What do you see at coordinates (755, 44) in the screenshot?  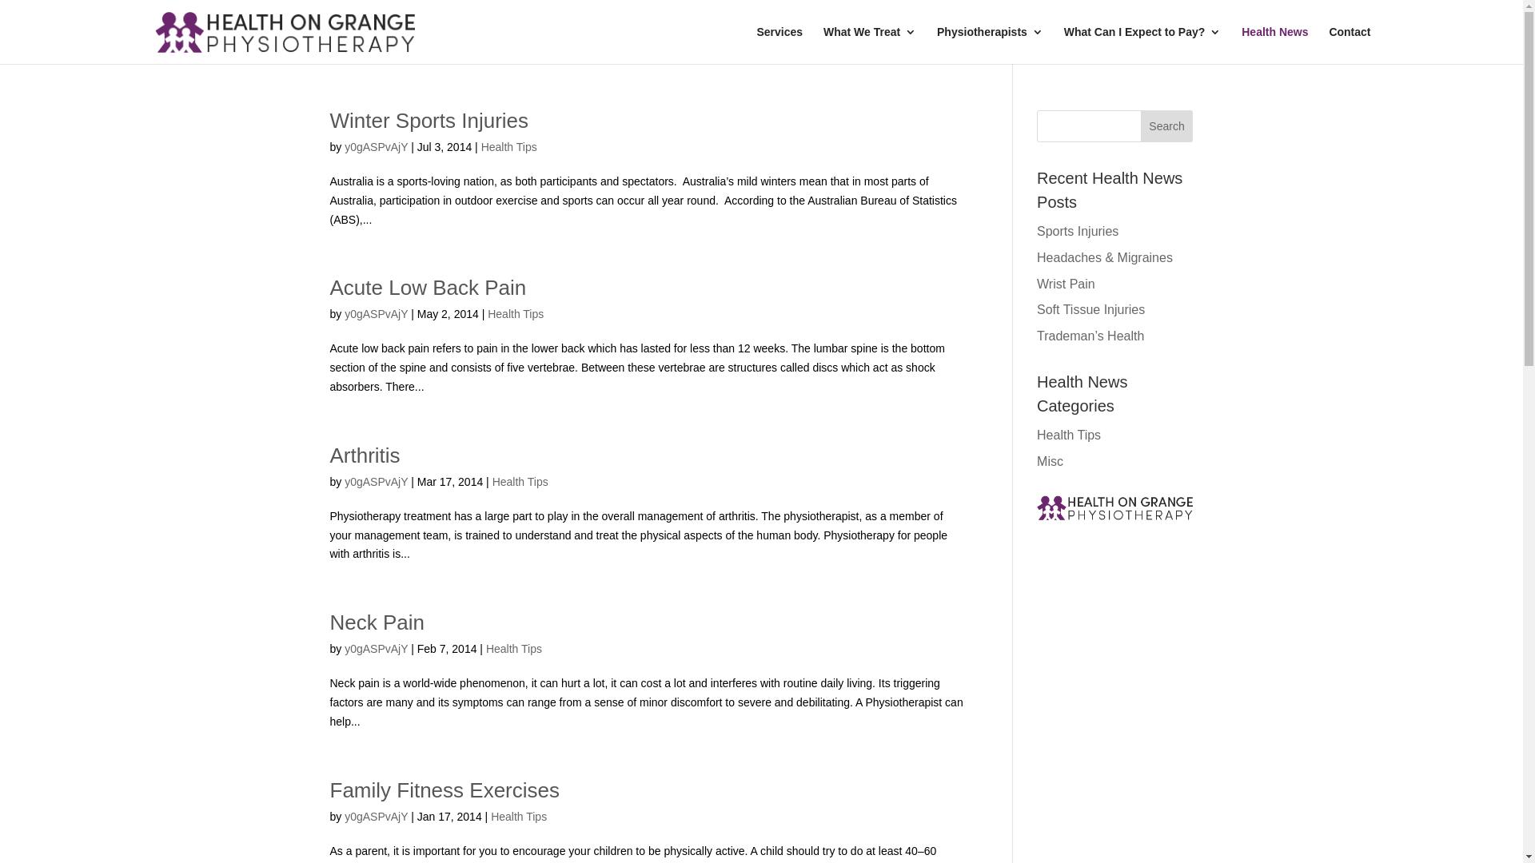 I see `'Services'` at bounding box center [755, 44].